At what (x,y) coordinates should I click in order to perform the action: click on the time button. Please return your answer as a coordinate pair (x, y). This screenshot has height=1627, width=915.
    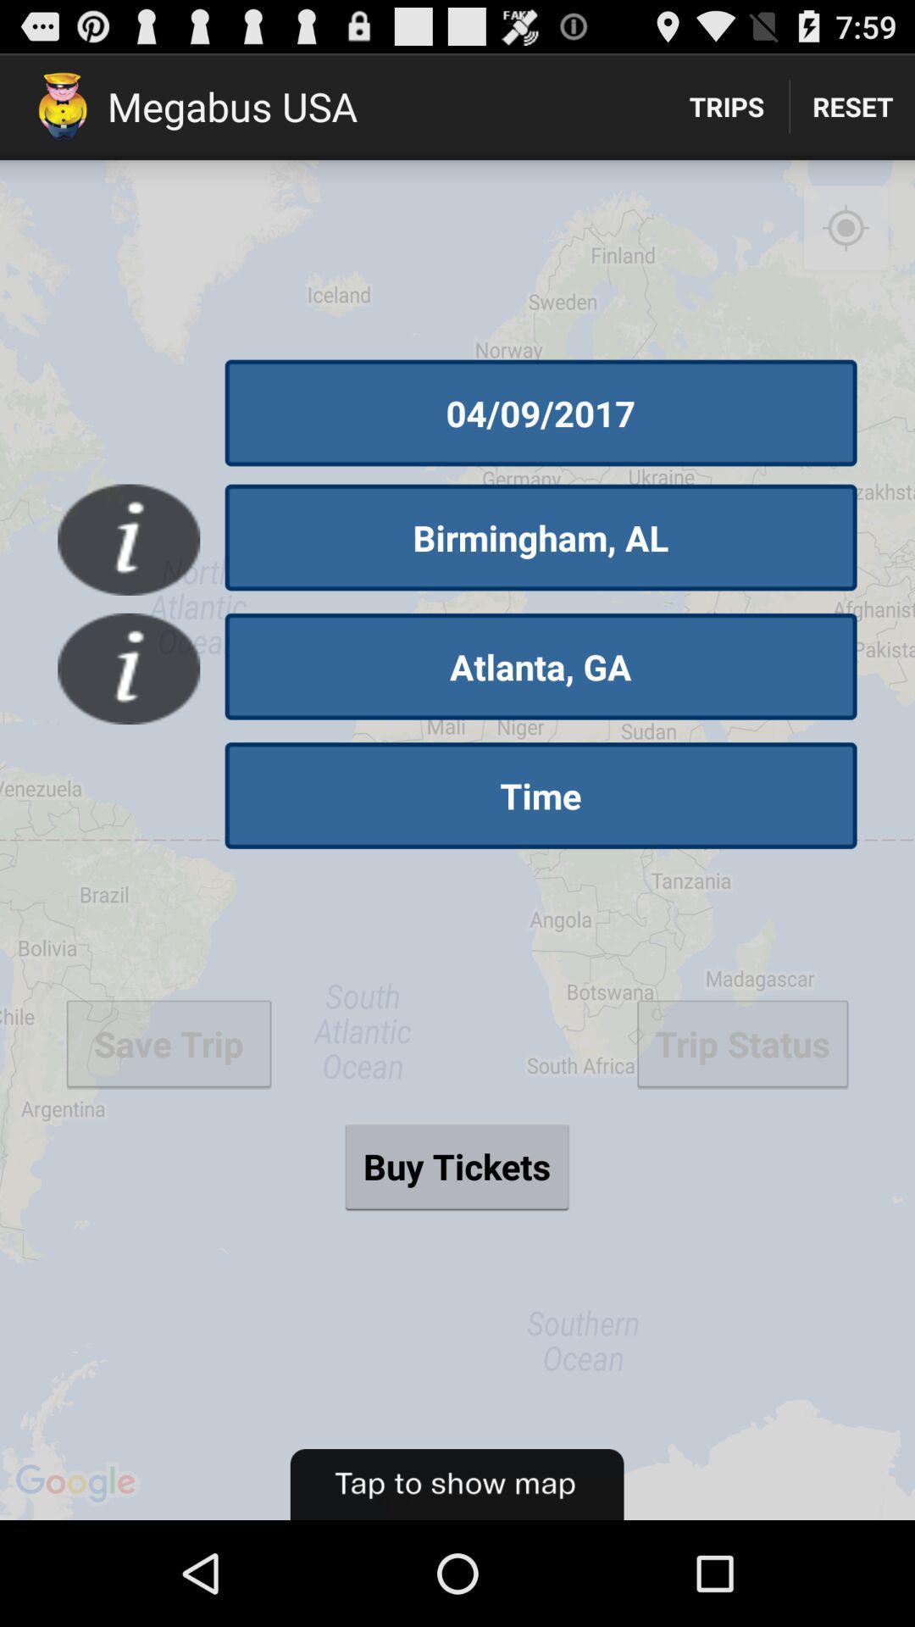
    Looking at the image, I should click on (541, 795).